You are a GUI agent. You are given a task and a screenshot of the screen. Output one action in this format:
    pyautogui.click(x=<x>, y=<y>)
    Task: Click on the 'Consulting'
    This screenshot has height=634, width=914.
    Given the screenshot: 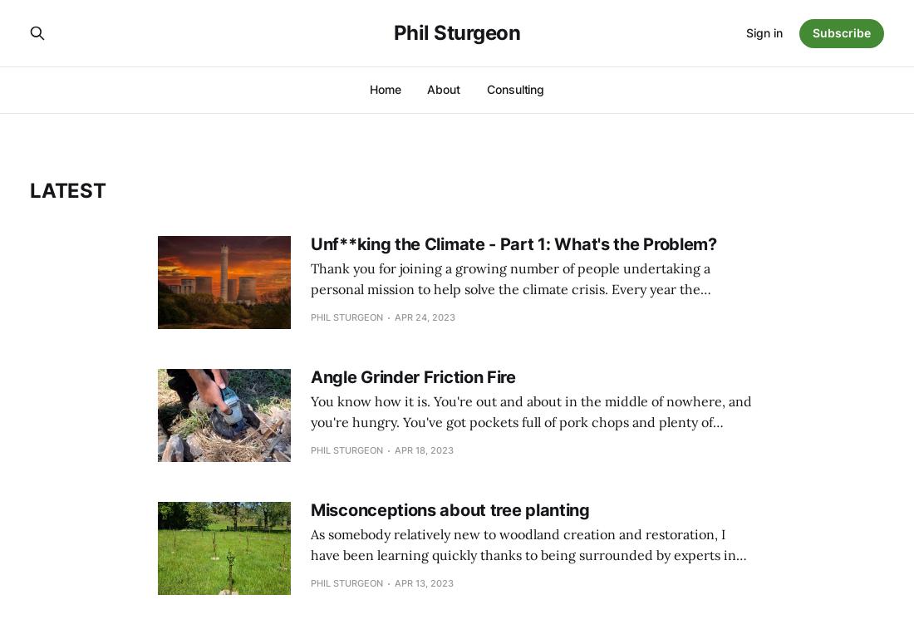 What is the action you would take?
    pyautogui.click(x=515, y=88)
    